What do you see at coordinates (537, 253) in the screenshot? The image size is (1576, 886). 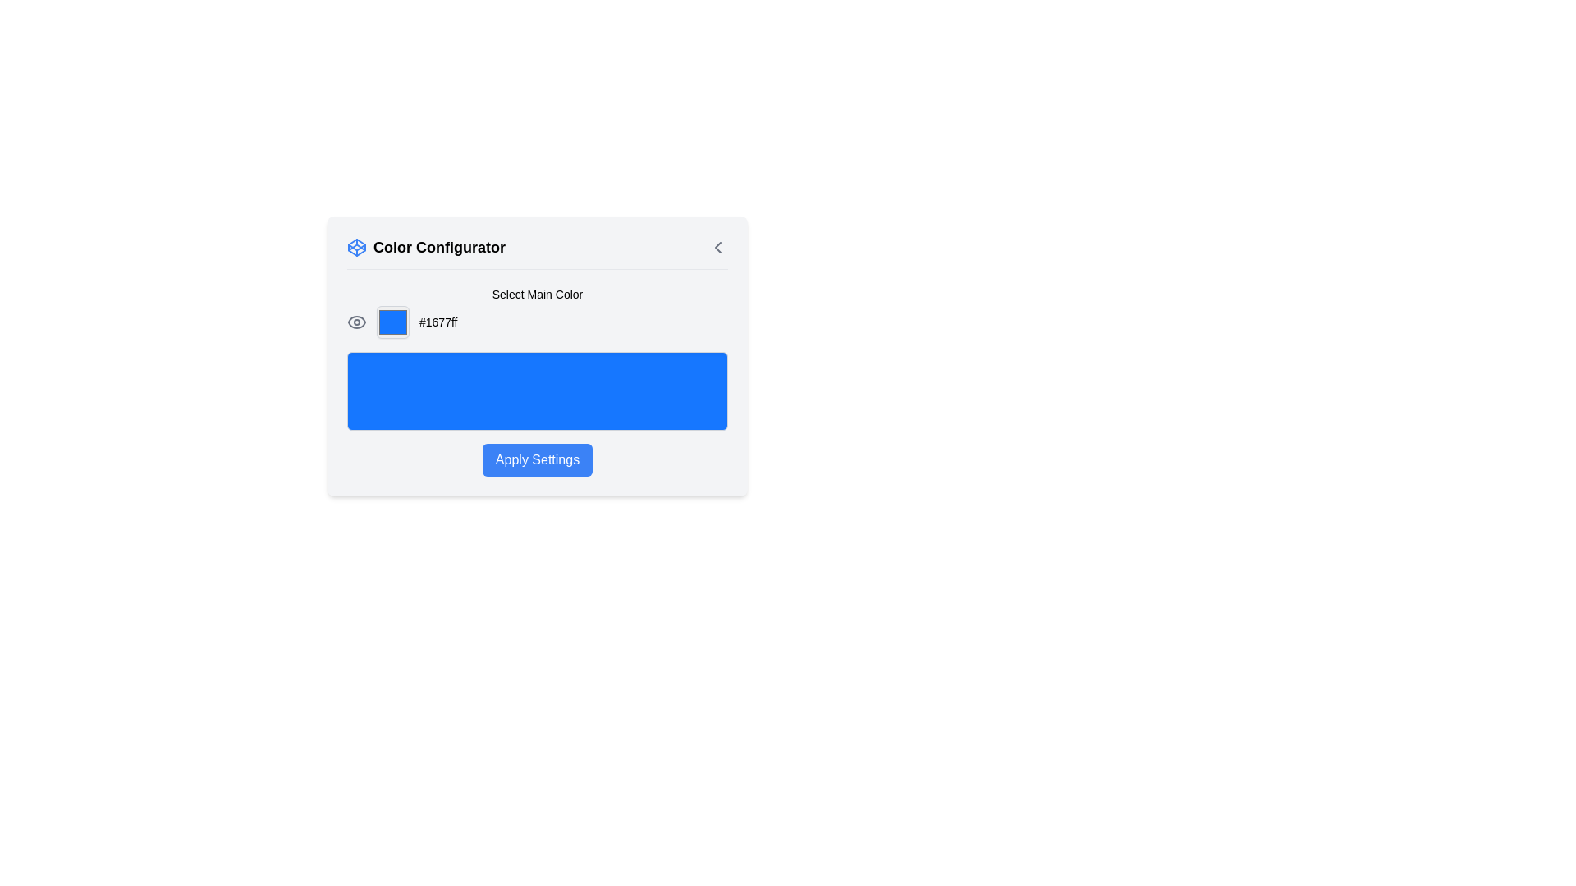 I see `the purpose of the section` at bounding box center [537, 253].